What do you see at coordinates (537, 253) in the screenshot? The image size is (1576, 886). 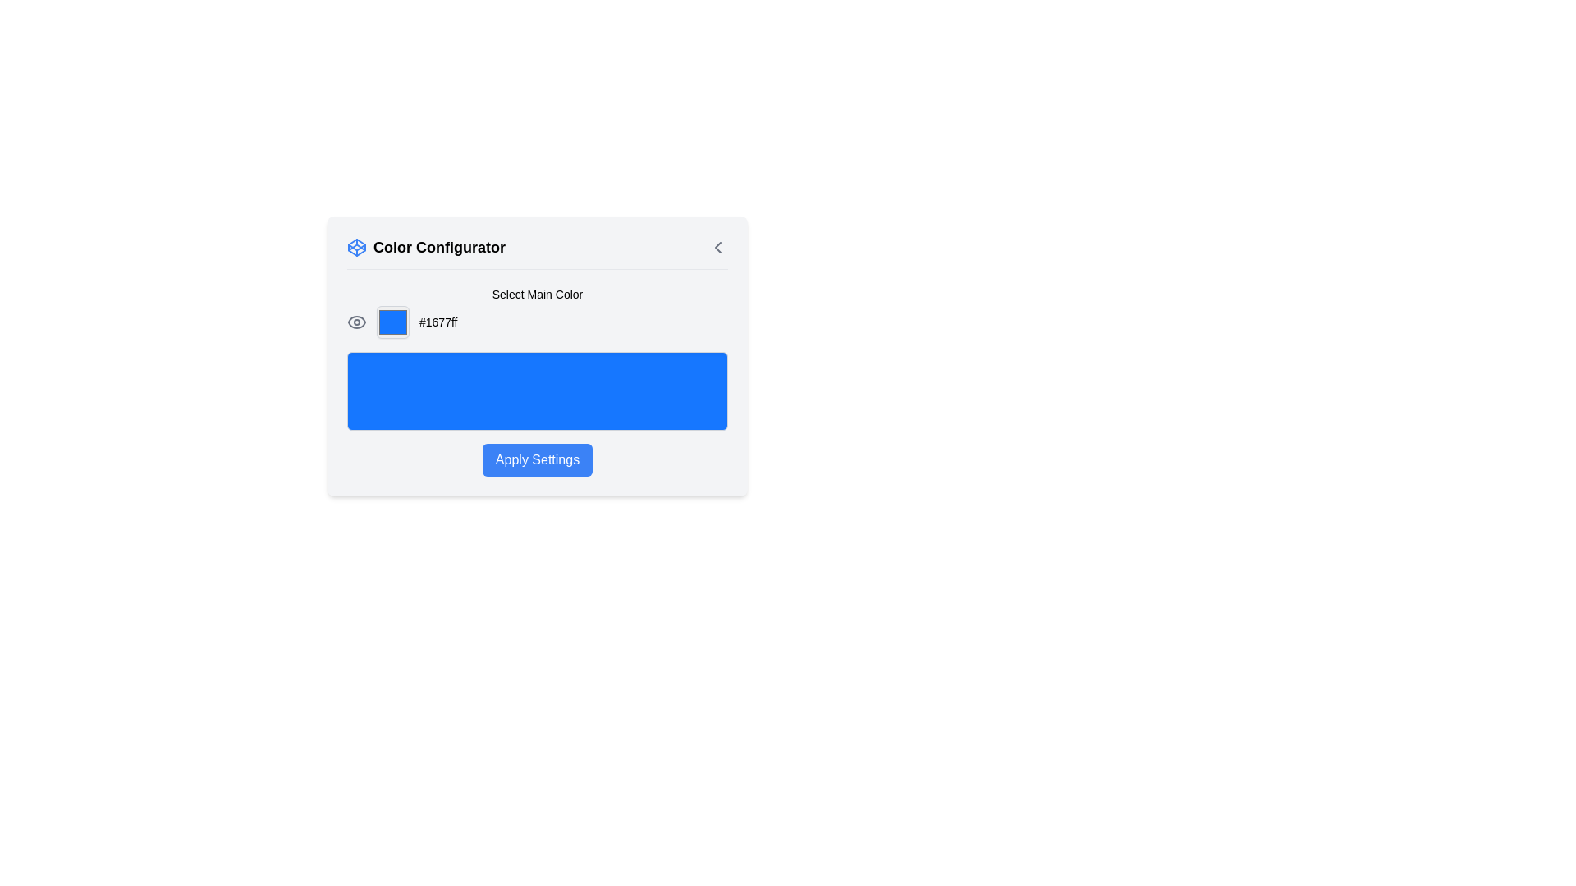 I see `the purpose of the section` at bounding box center [537, 253].